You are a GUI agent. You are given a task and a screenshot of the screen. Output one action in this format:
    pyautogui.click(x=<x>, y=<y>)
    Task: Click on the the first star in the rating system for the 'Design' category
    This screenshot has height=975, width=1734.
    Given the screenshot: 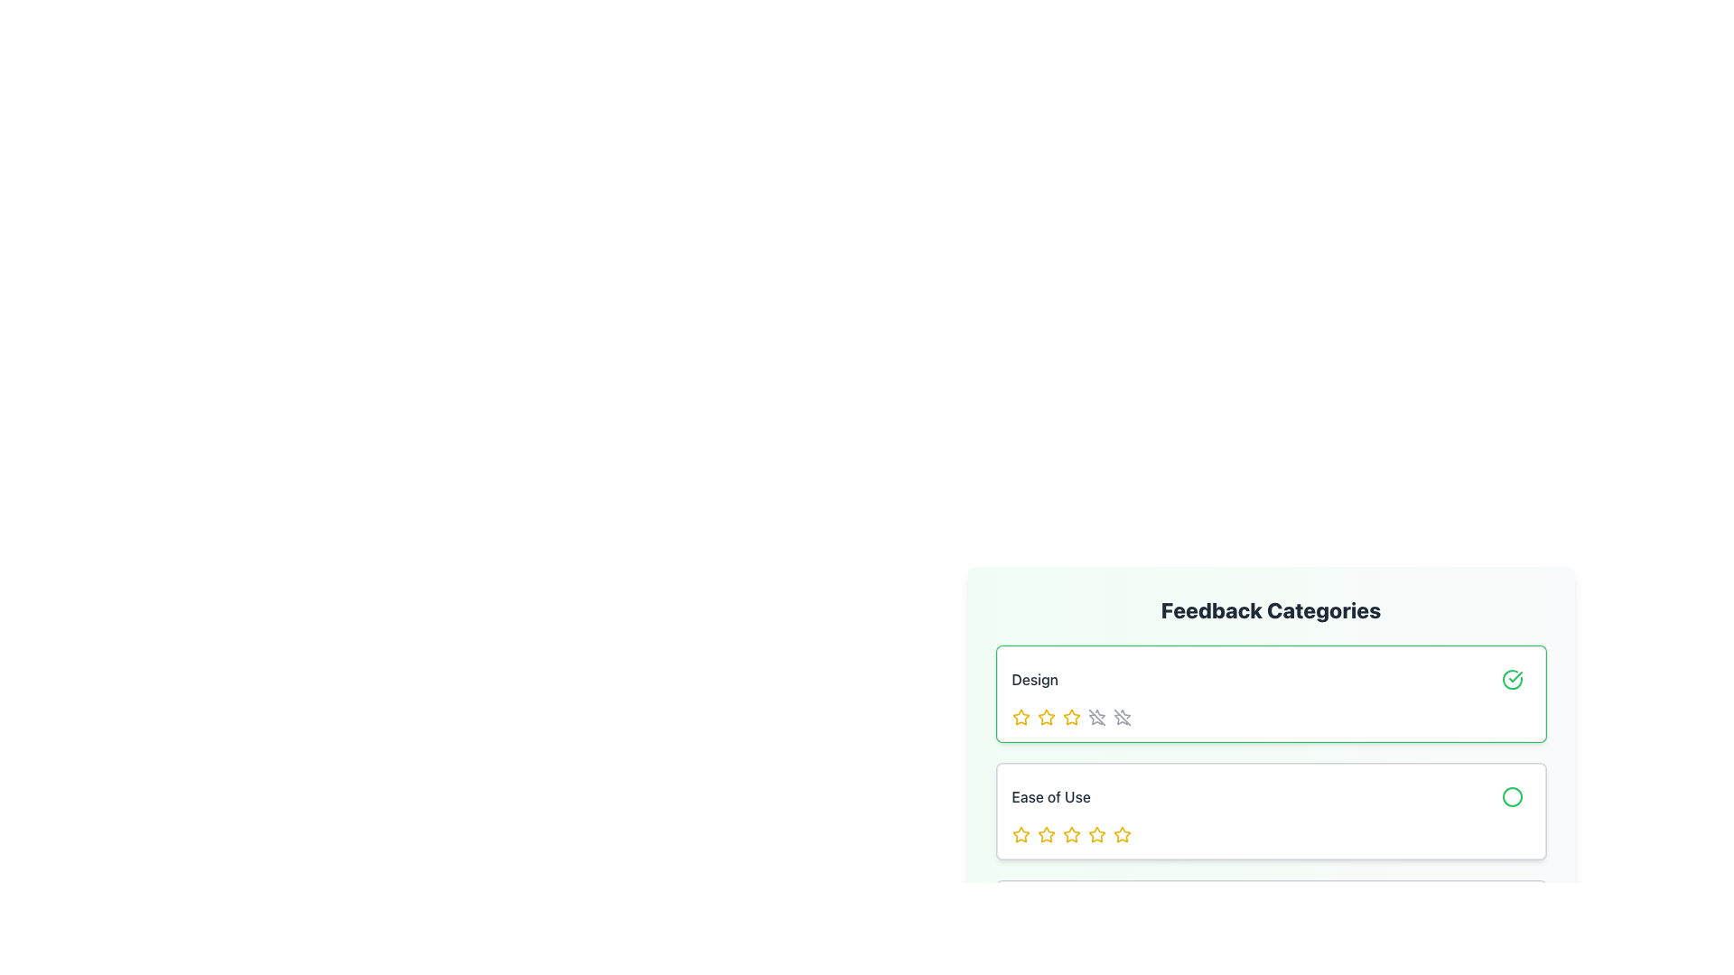 What is the action you would take?
    pyautogui.click(x=1021, y=716)
    